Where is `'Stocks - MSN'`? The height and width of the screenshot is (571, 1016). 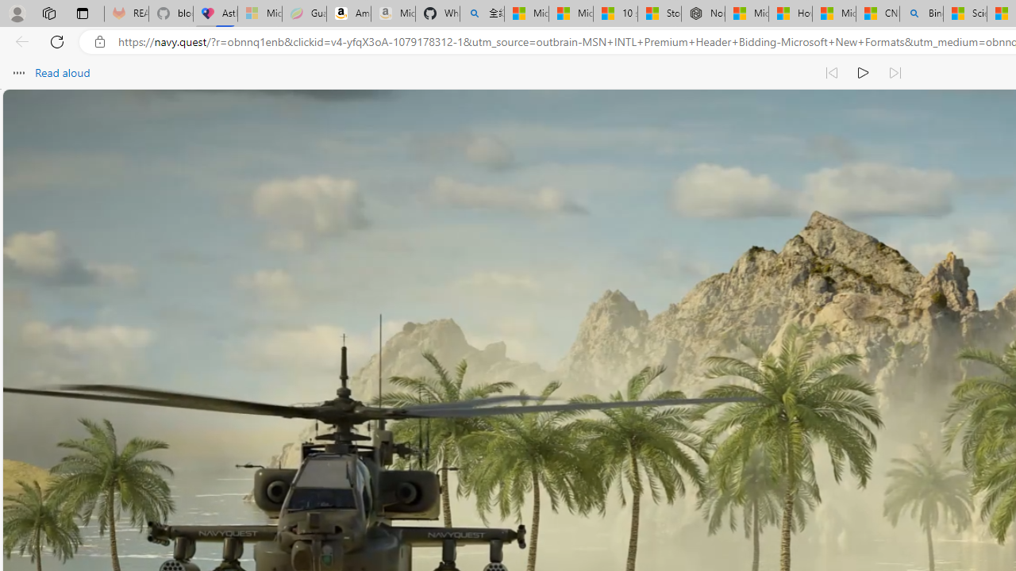 'Stocks - MSN' is located at coordinates (659, 13).